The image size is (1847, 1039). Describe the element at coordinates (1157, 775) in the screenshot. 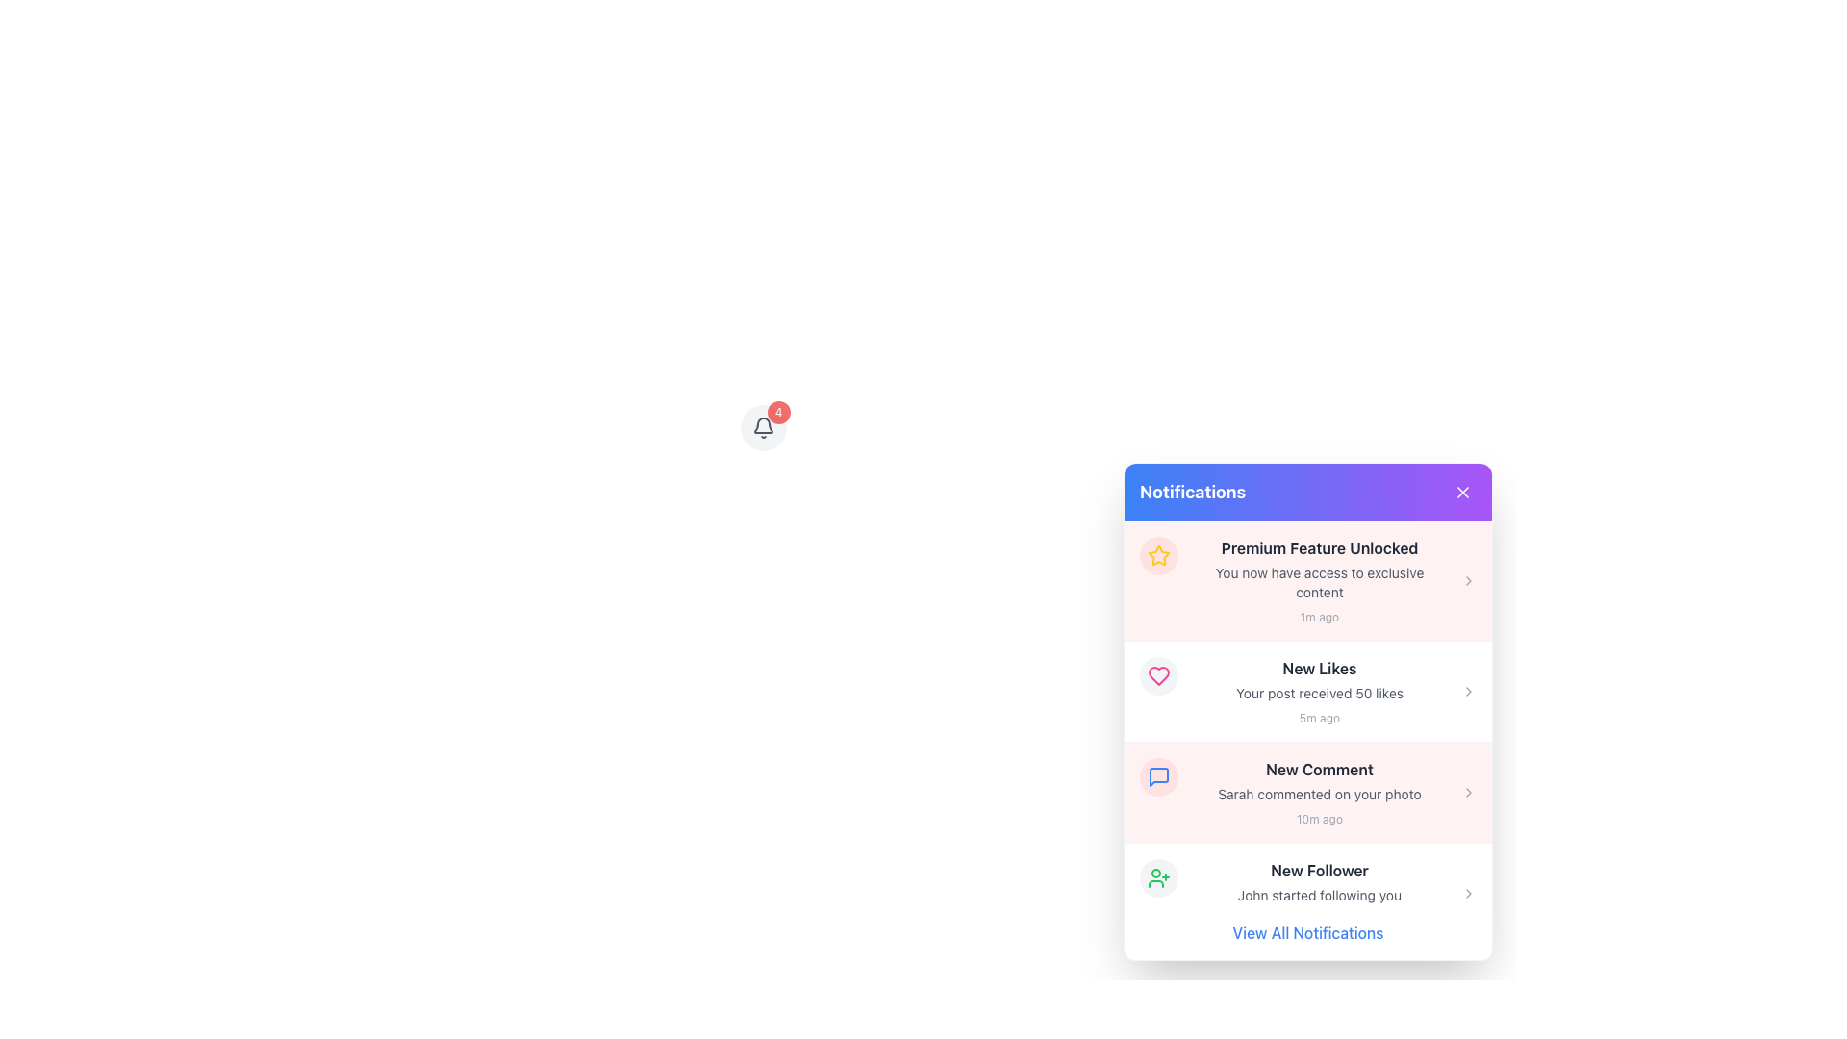

I see `the details of the circular icon with a light red background and a blue speech bubble, which is located on the leftmost side of the 'New Comment' notification adjacent to 'Sarah commented on your photo'` at that location.